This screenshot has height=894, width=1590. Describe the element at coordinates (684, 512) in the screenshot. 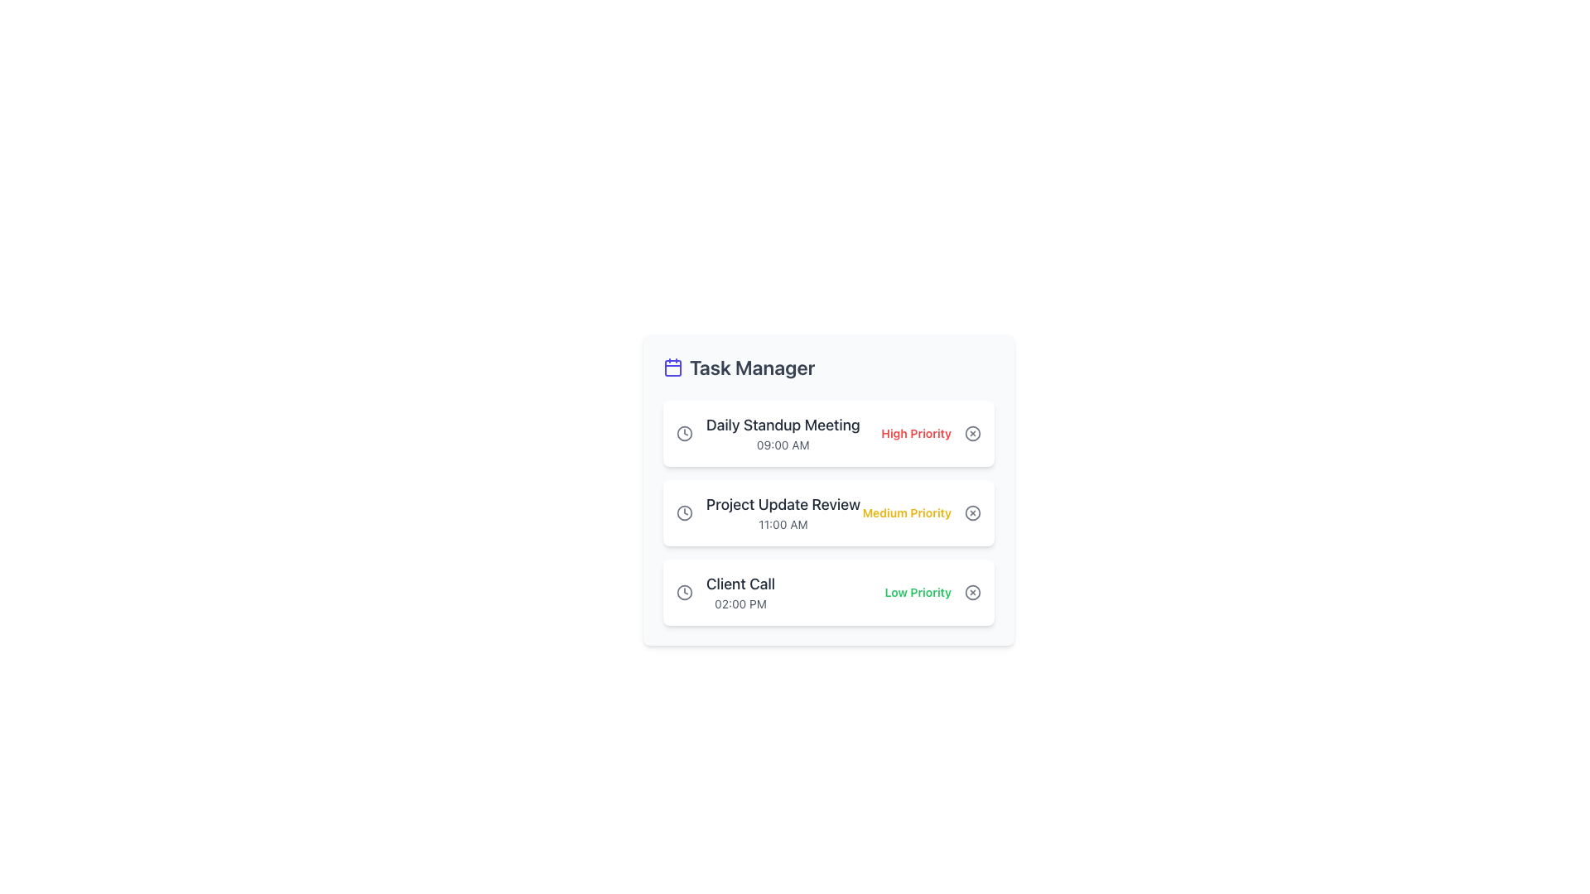

I see `the graphical decorative circle that is part of the SVG clock icon, positioned centrally within the clock face adjacent to the 'Project Update Review' list item` at that location.